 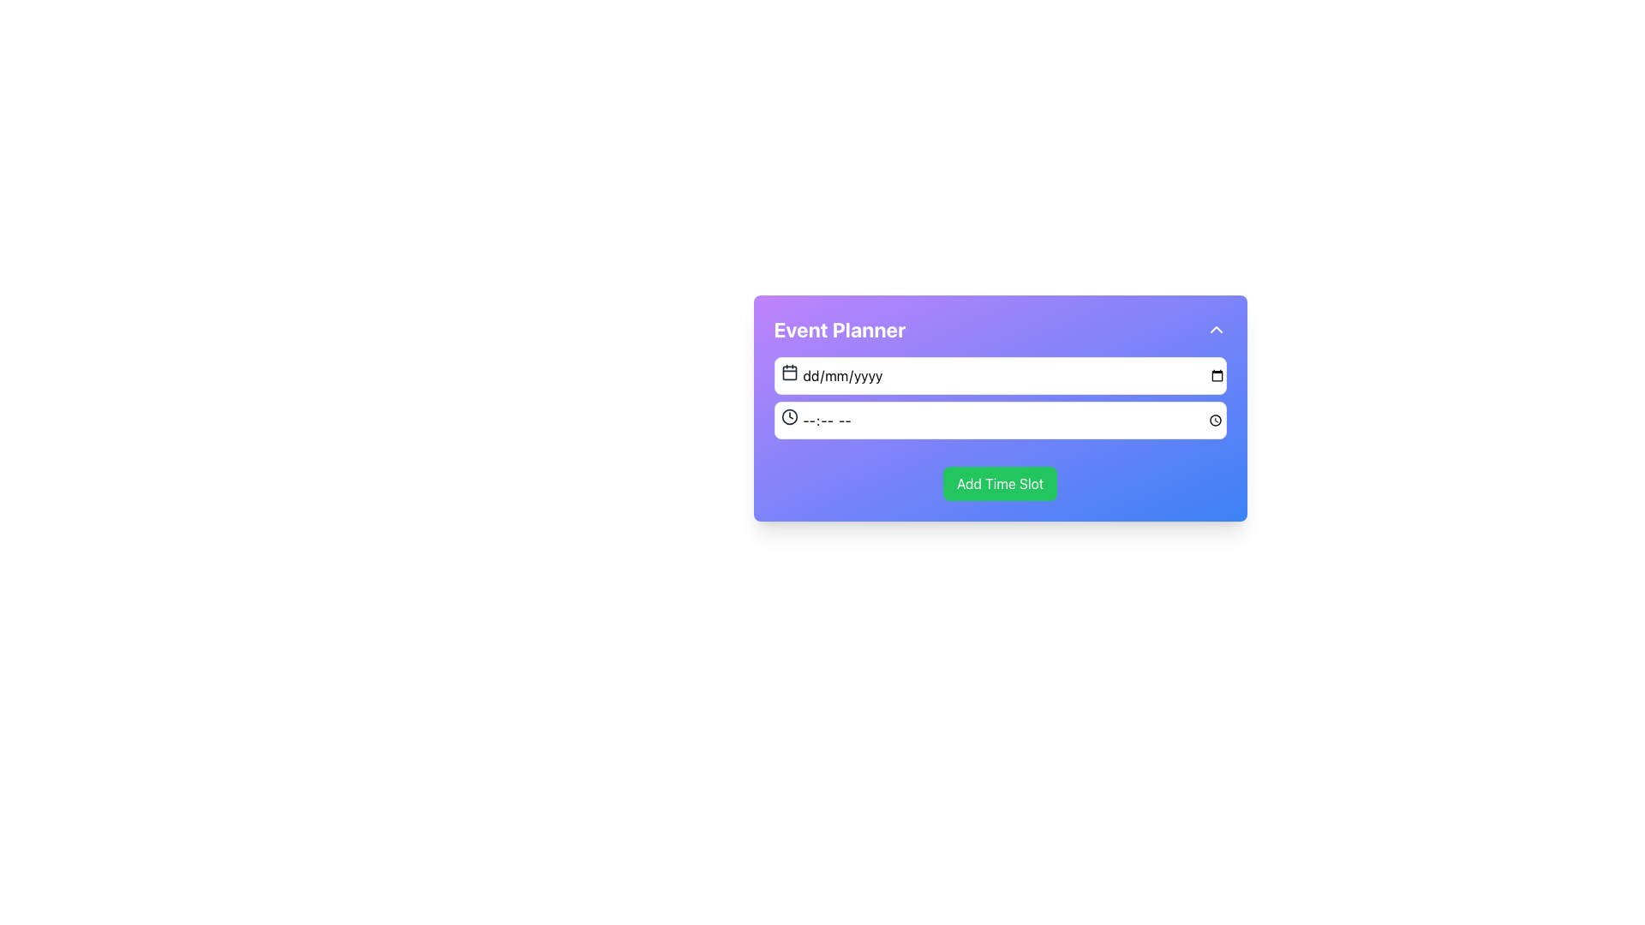 I want to click on the icon that visually indicates the time input field in the 'Event Planner' form, located on the second row to the left of the time input field, so click(x=788, y=416).